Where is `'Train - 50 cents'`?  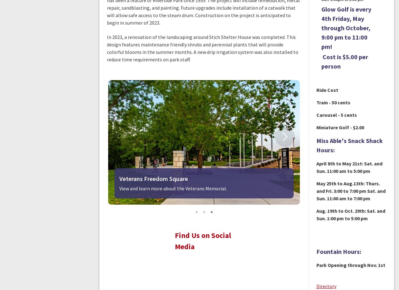 'Train - 50 cents' is located at coordinates (333, 102).